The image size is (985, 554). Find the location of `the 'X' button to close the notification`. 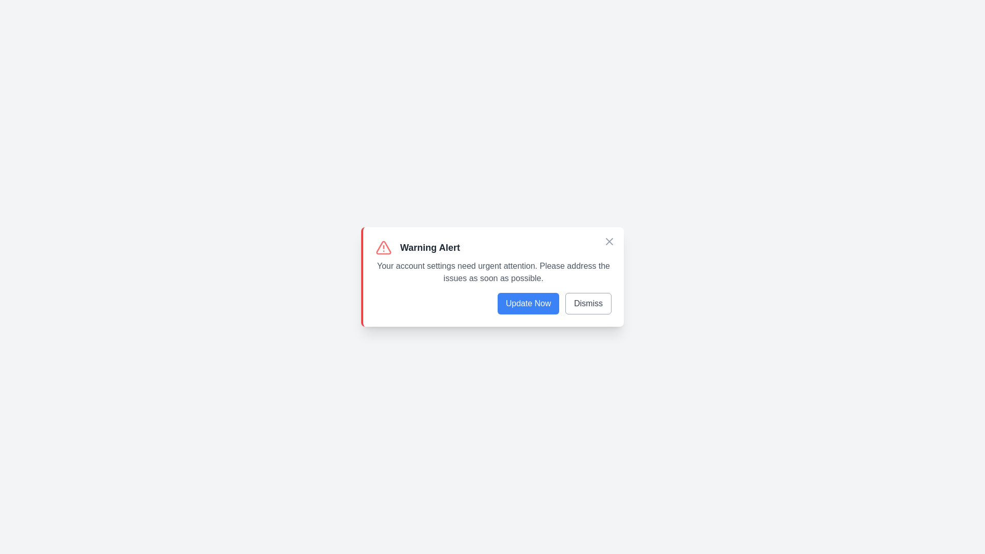

the 'X' button to close the notification is located at coordinates (609, 241).